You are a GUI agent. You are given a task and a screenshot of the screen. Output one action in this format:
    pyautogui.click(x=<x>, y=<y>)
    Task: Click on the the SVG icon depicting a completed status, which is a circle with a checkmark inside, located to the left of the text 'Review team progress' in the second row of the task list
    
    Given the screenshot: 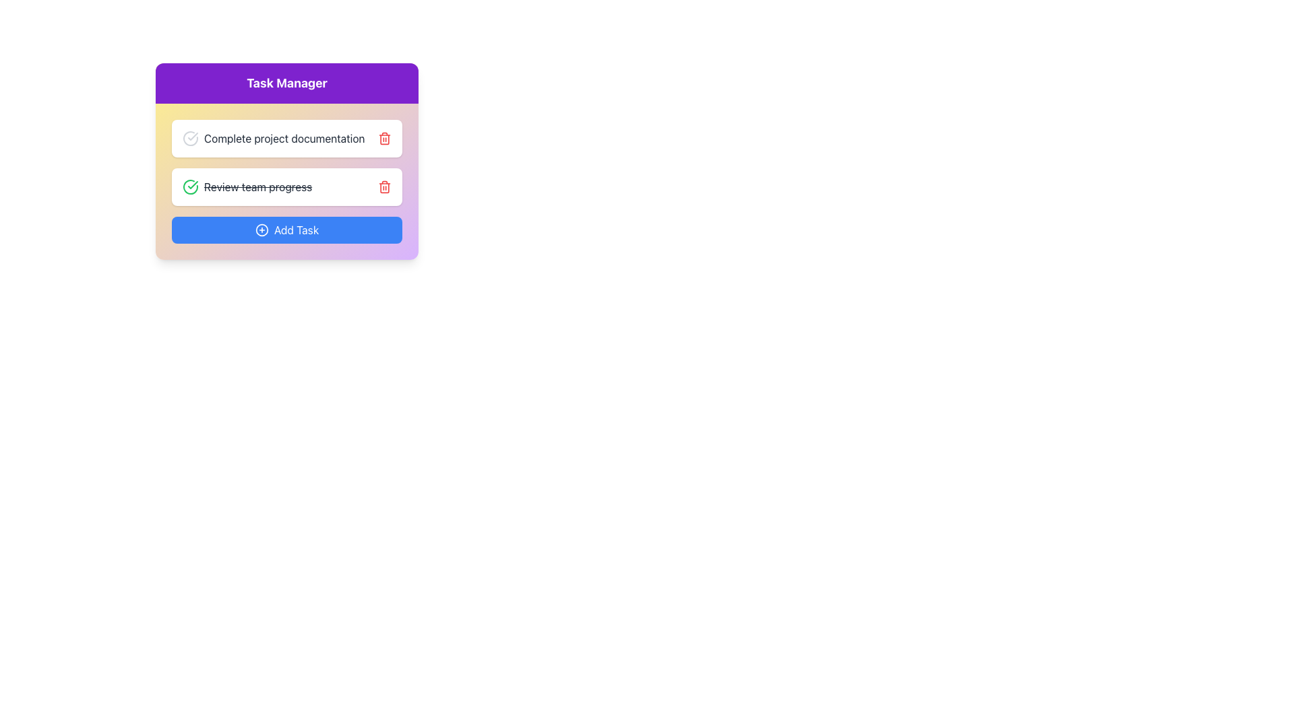 What is the action you would take?
    pyautogui.click(x=190, y=186)
    